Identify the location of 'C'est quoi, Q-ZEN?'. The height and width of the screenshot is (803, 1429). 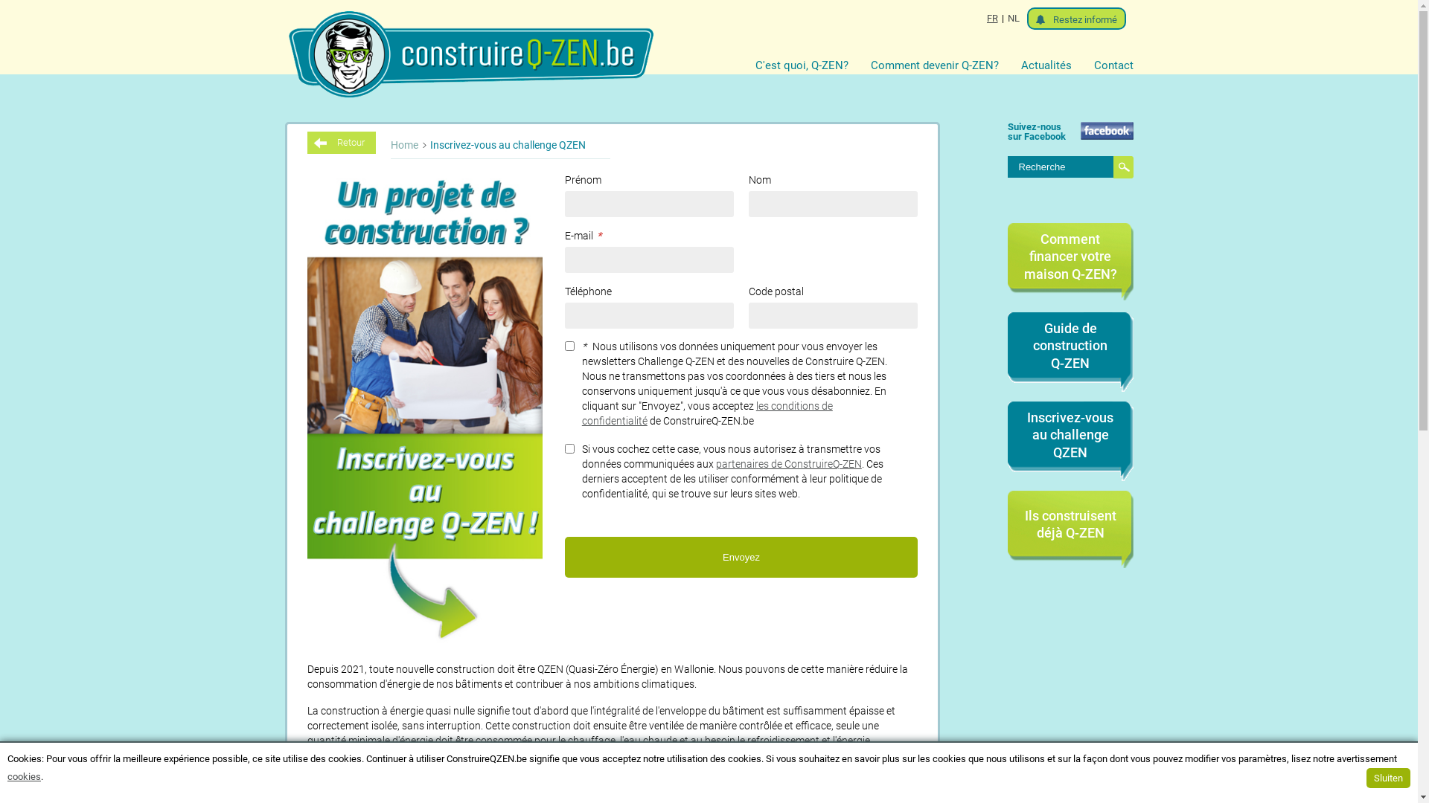
(811, 65).